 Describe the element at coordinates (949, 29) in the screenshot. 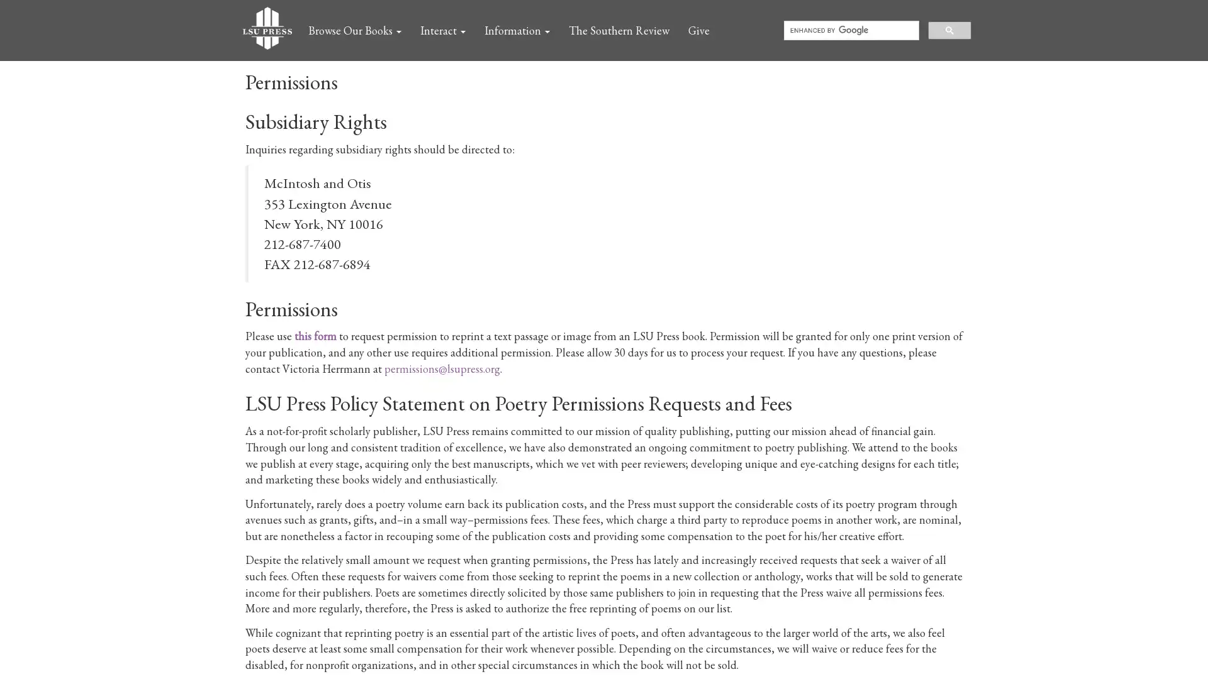

I see `search` at that location.